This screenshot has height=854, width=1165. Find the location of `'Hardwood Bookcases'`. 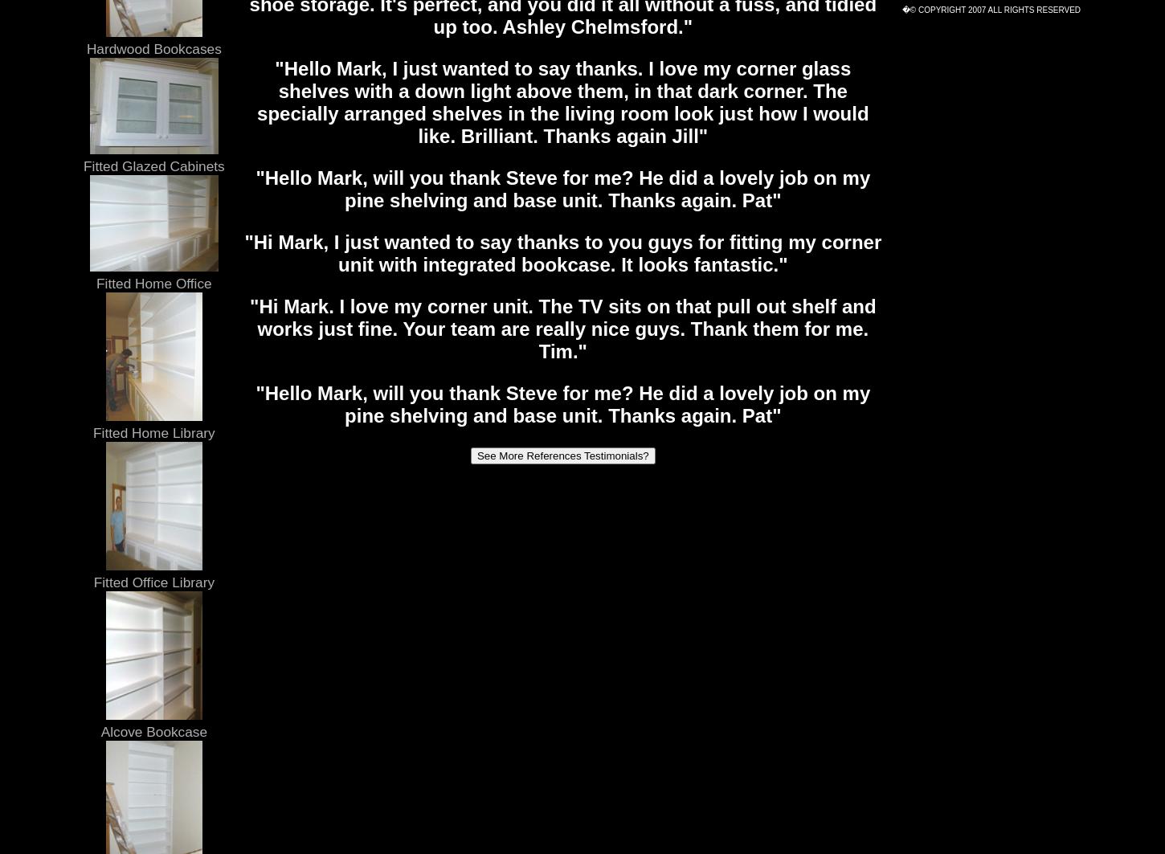

'Hardwood Bookcases' is located at coordinates (86, 47).